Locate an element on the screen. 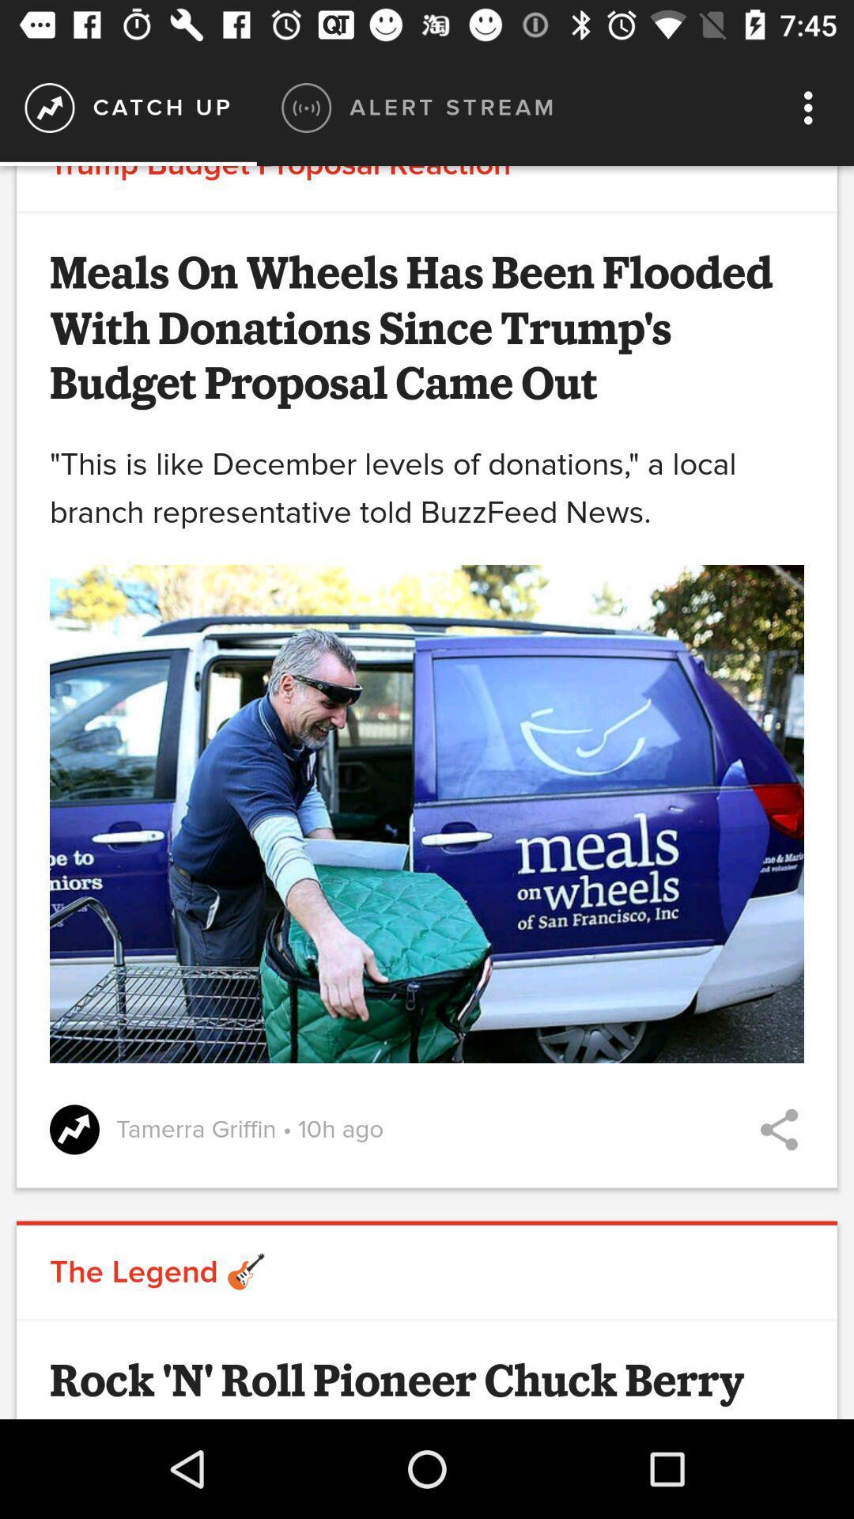 The height and width of the screenshot is (1519, 854). item next to the tamerra griffin 10h icon is located at coordinates (778, 1129).